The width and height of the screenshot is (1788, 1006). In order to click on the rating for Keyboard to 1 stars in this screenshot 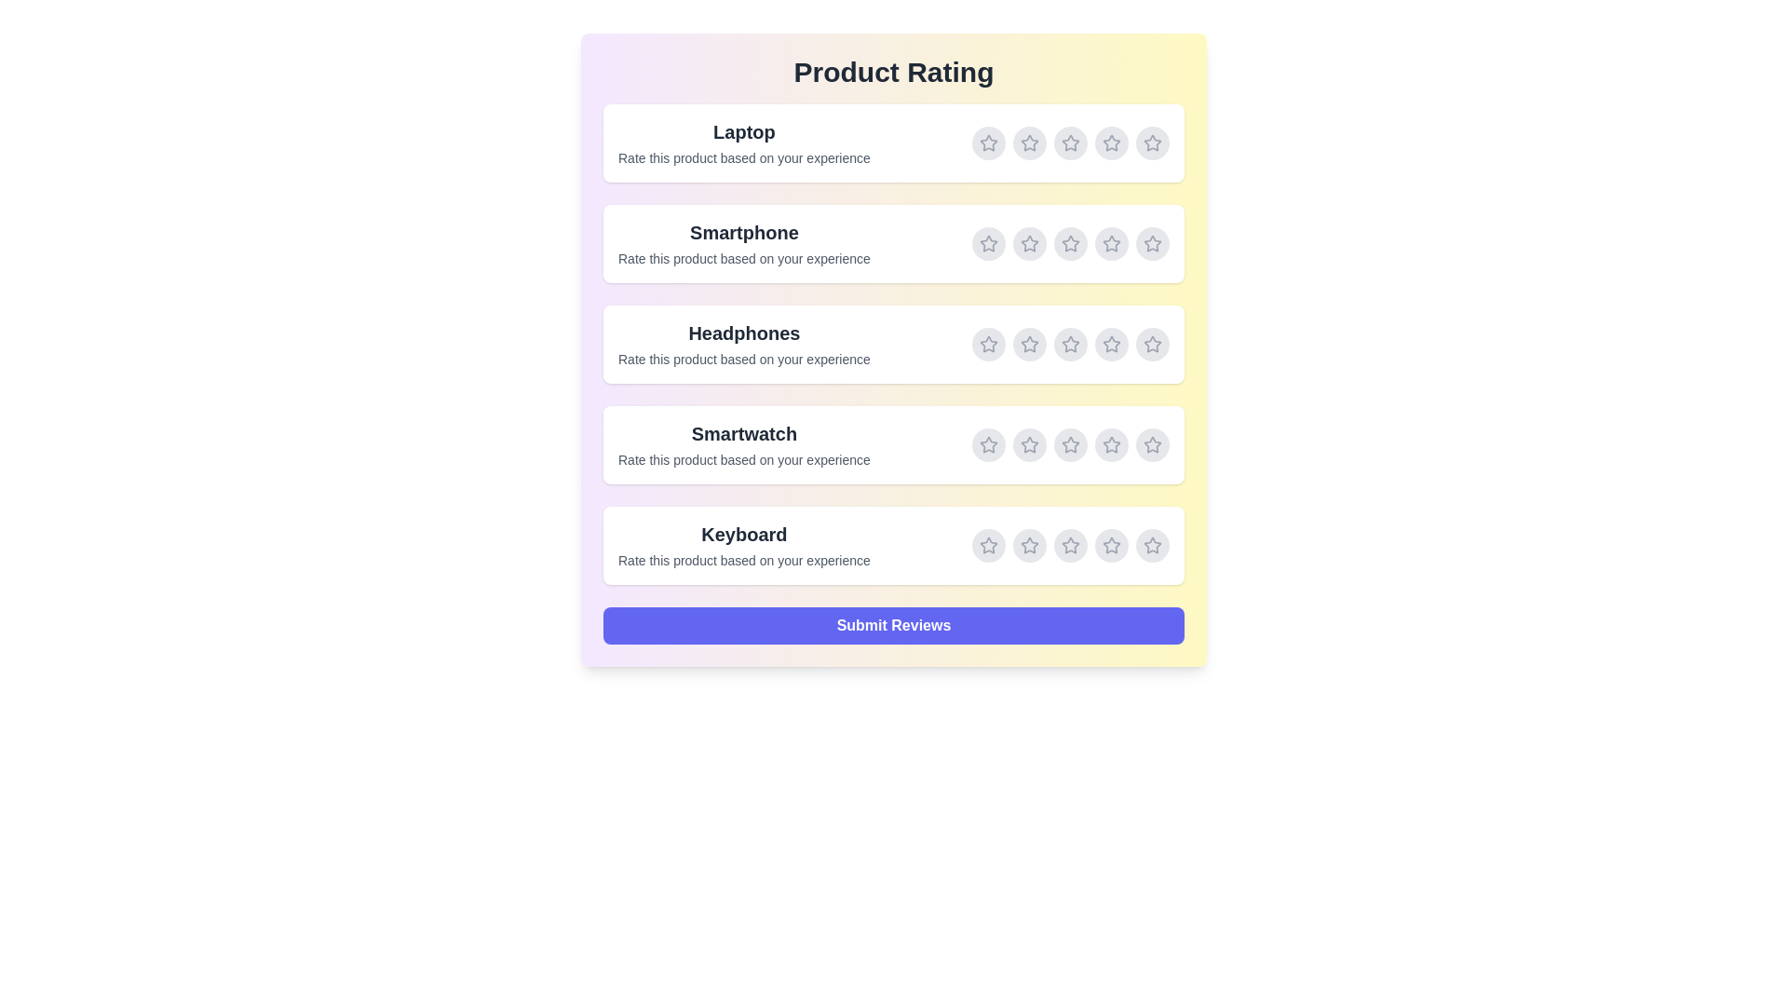, I will do `click(987, 545)`.